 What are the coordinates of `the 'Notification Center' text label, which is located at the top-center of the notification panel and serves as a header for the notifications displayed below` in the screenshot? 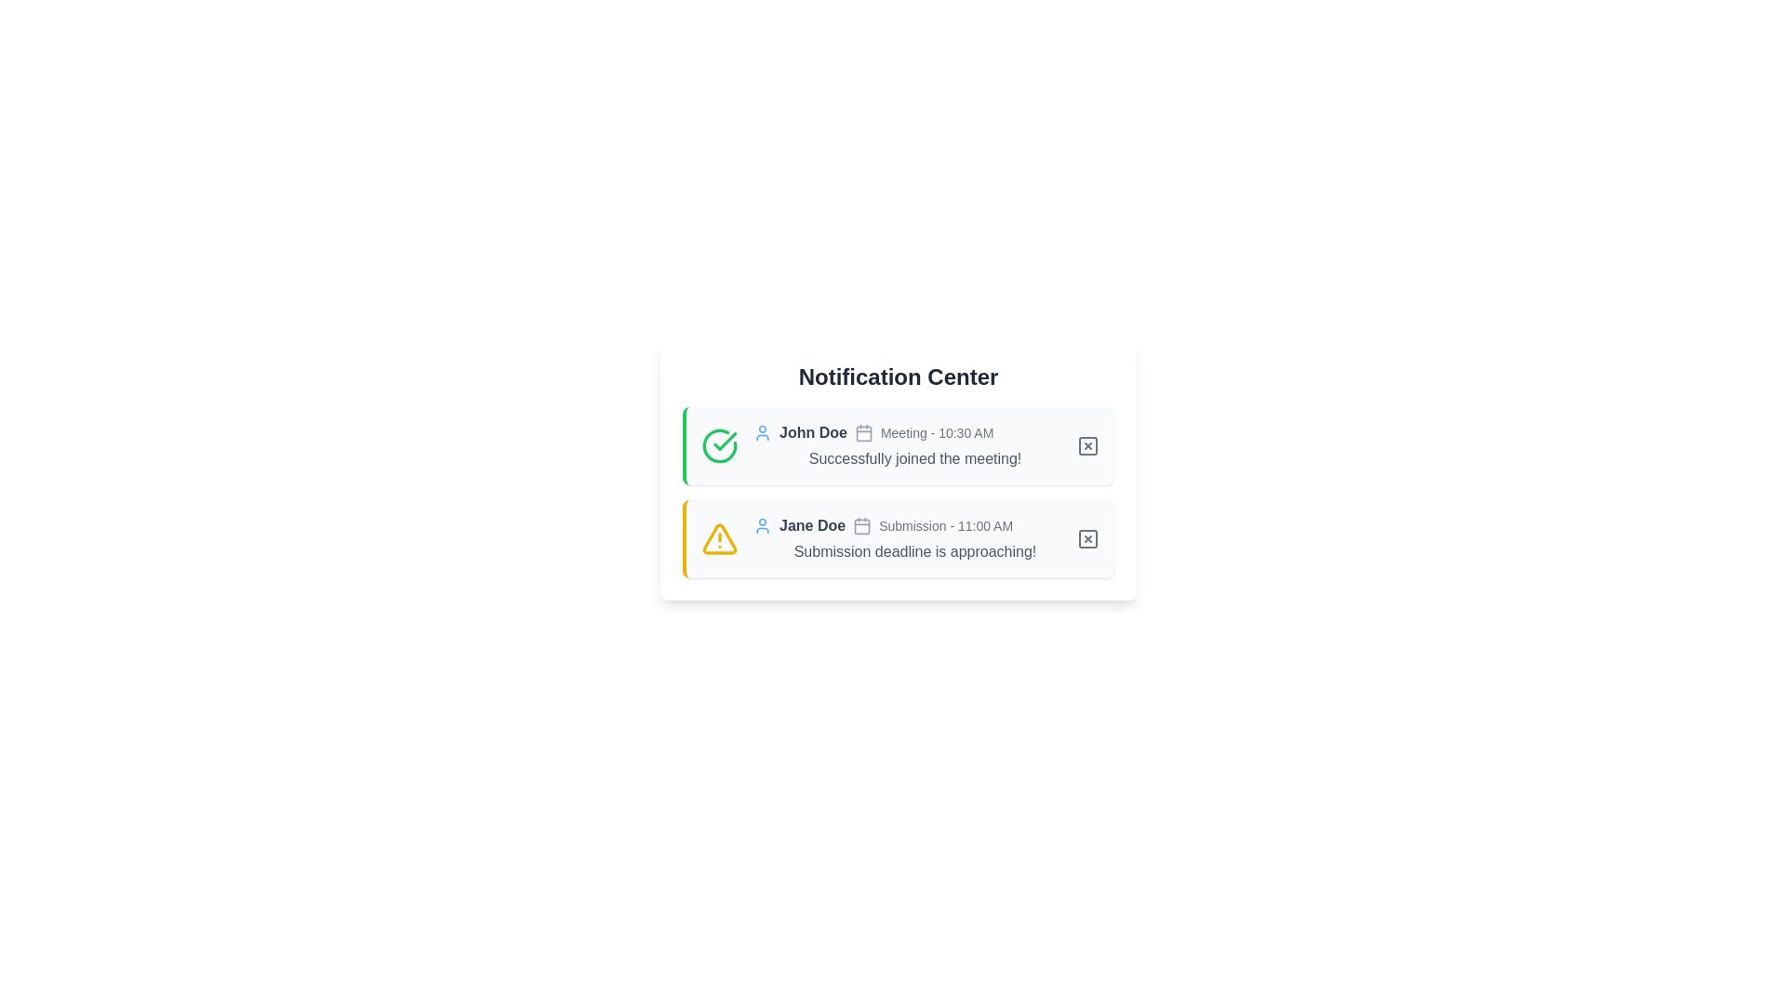 It's located at (898, 376).